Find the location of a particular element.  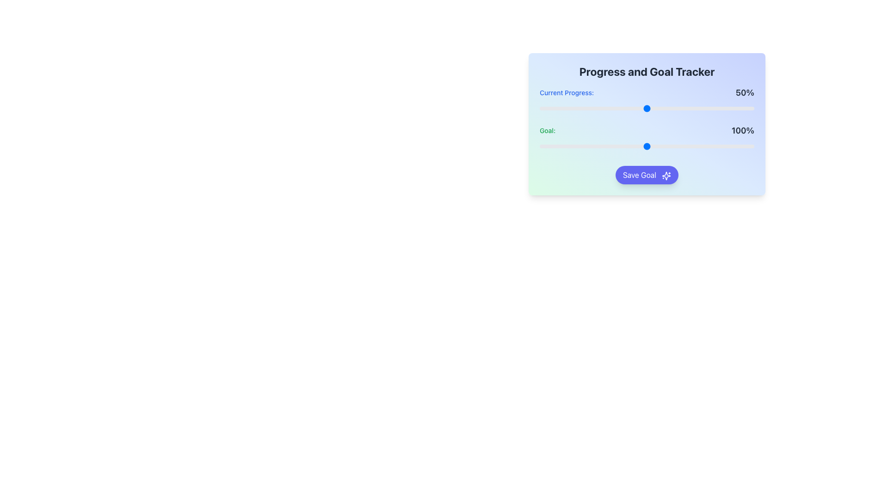

the slider value is located at coordinates (704, 146).